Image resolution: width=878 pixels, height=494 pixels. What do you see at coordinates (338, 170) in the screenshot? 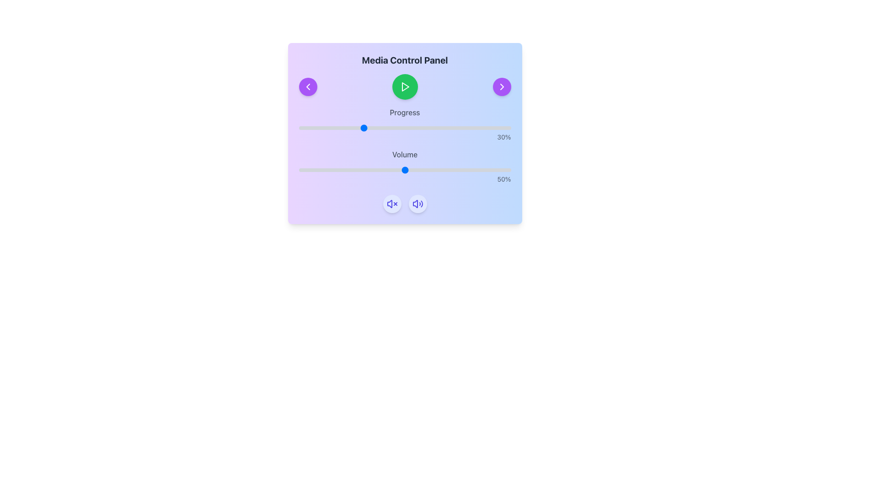
I see `the slider value` at bounding box center [338, 170].